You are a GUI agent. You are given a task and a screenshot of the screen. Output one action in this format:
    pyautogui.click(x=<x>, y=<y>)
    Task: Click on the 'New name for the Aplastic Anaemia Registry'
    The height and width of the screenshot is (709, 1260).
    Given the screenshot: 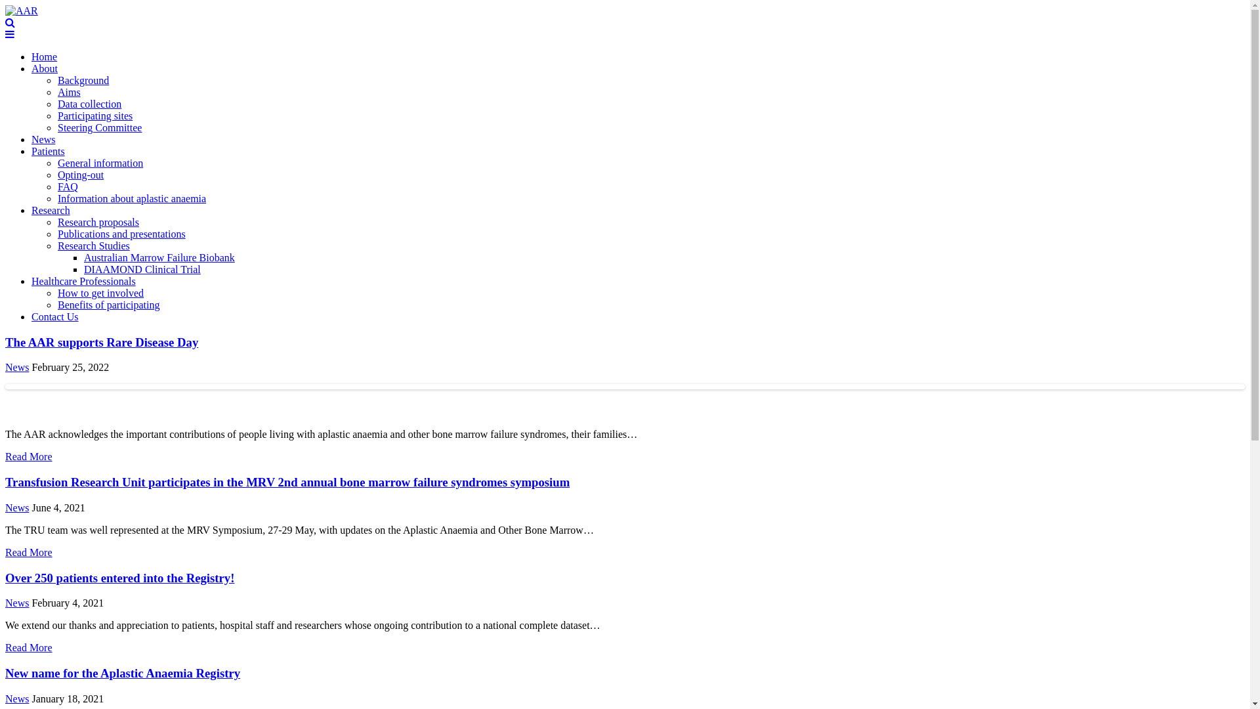 What is the action you would take?
    pyautogui.click(x=123, y=673)
    